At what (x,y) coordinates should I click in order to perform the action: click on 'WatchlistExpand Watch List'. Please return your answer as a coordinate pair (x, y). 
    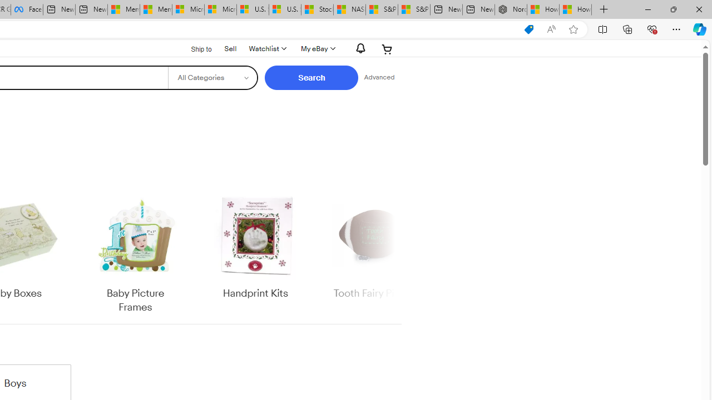
    Looking at the image, I should click on (267, 48).